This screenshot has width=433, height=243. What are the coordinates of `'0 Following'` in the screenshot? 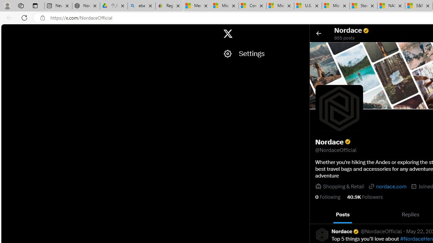 It's located at (327, 197).